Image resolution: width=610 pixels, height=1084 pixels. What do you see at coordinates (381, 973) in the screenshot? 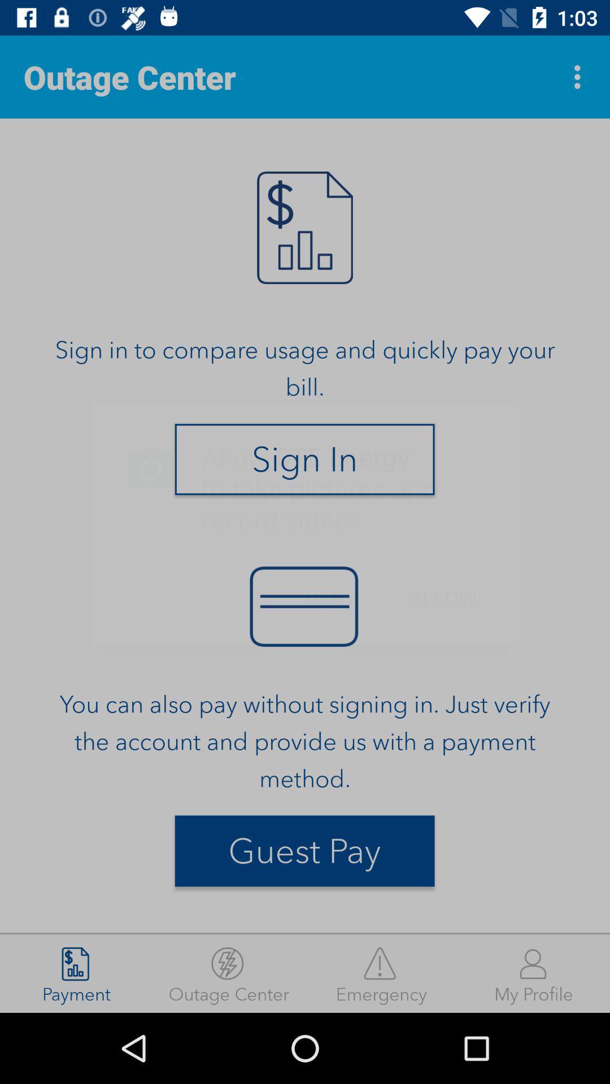
I see `the icon next to my profile item` at bounding box center [381, 973].